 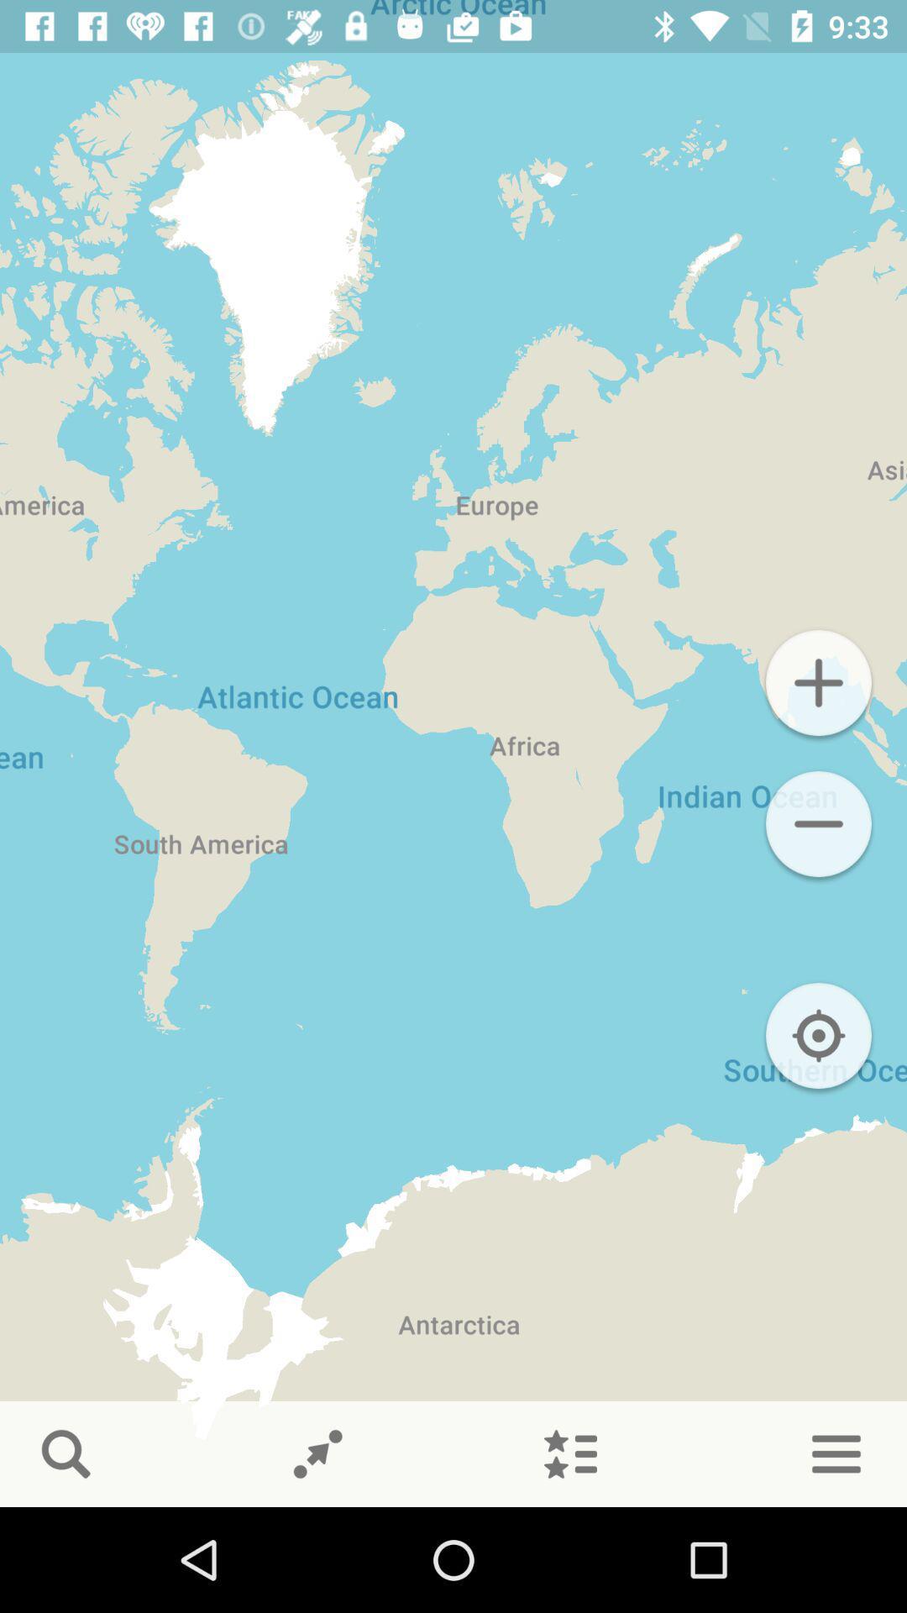 What do you see at coordinates (569, 1453) in the screenshot?
I see `favorites list` at bounding box center [569, 1453].